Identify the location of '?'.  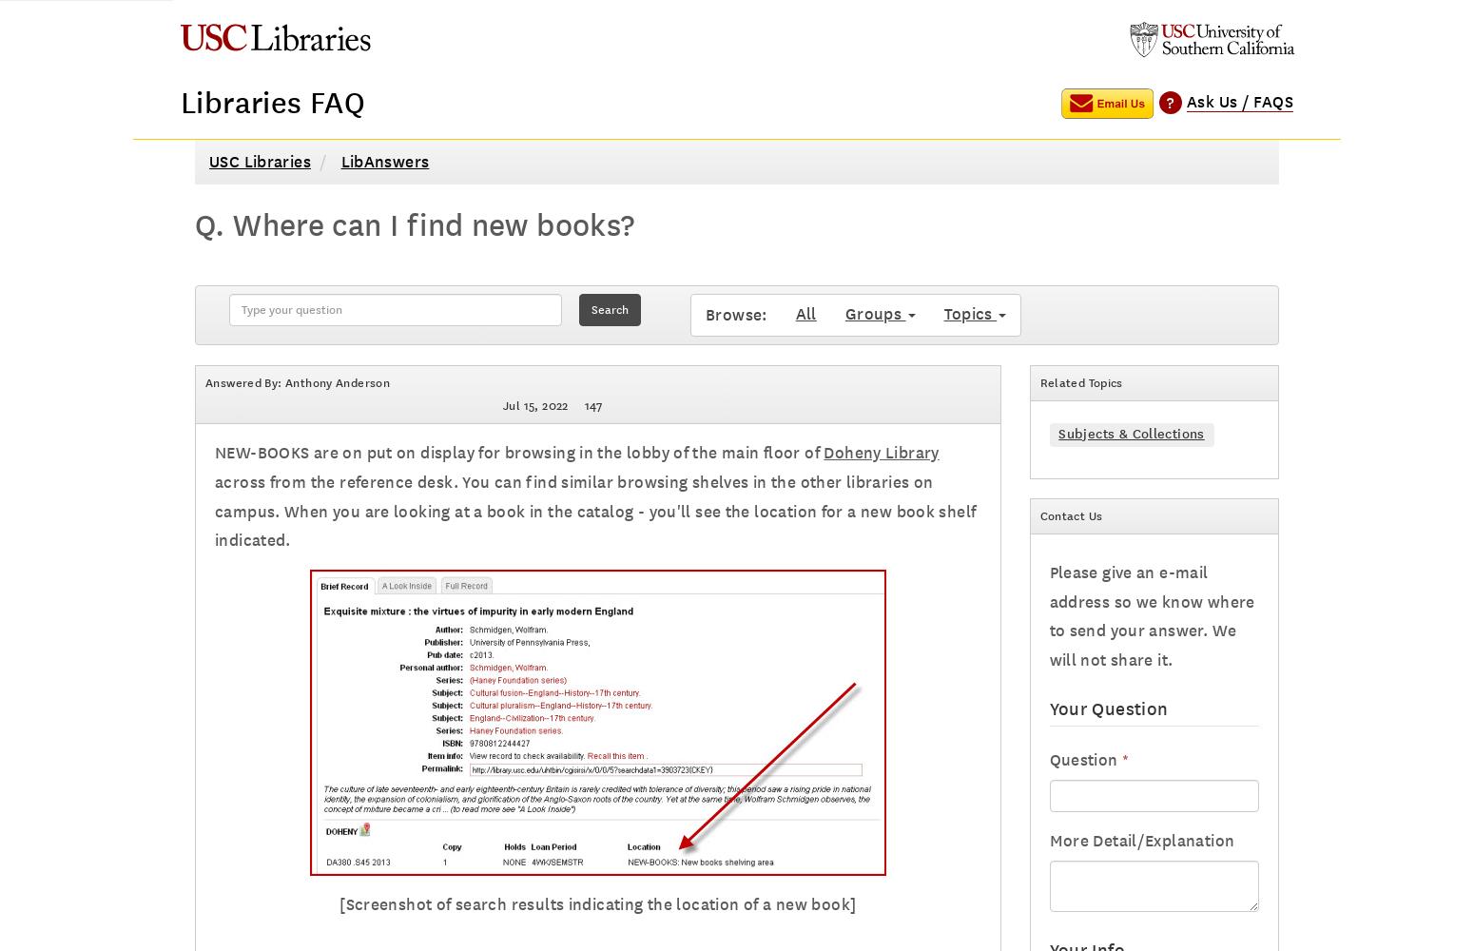
(1170, 101).